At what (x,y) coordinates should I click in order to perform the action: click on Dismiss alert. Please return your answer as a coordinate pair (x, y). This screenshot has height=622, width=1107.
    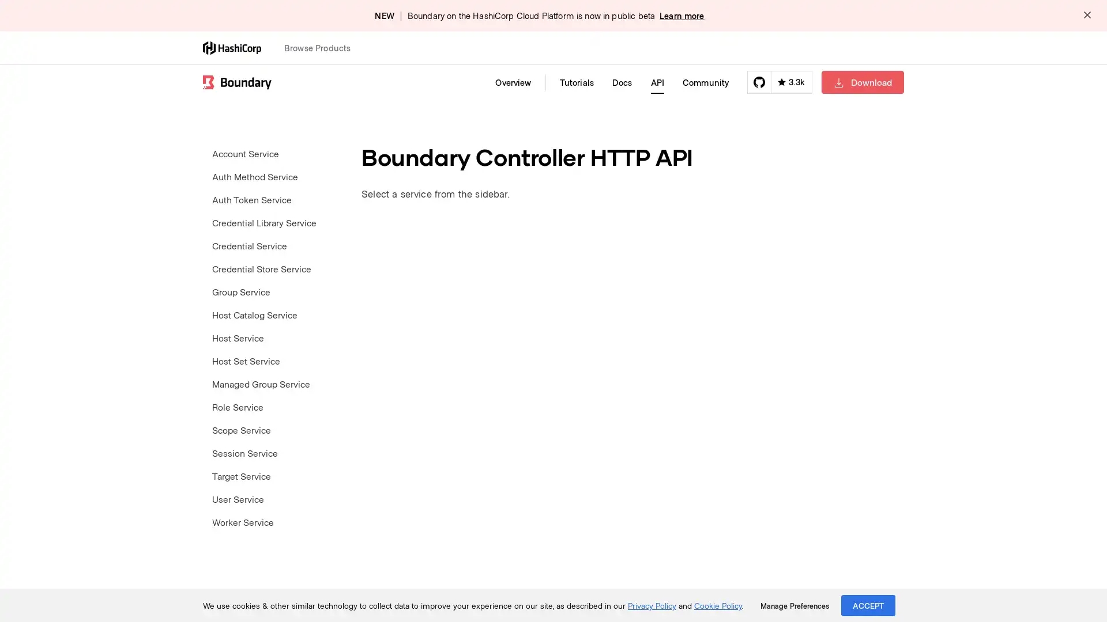
    Looking at the image, I should click on (1087, 16).